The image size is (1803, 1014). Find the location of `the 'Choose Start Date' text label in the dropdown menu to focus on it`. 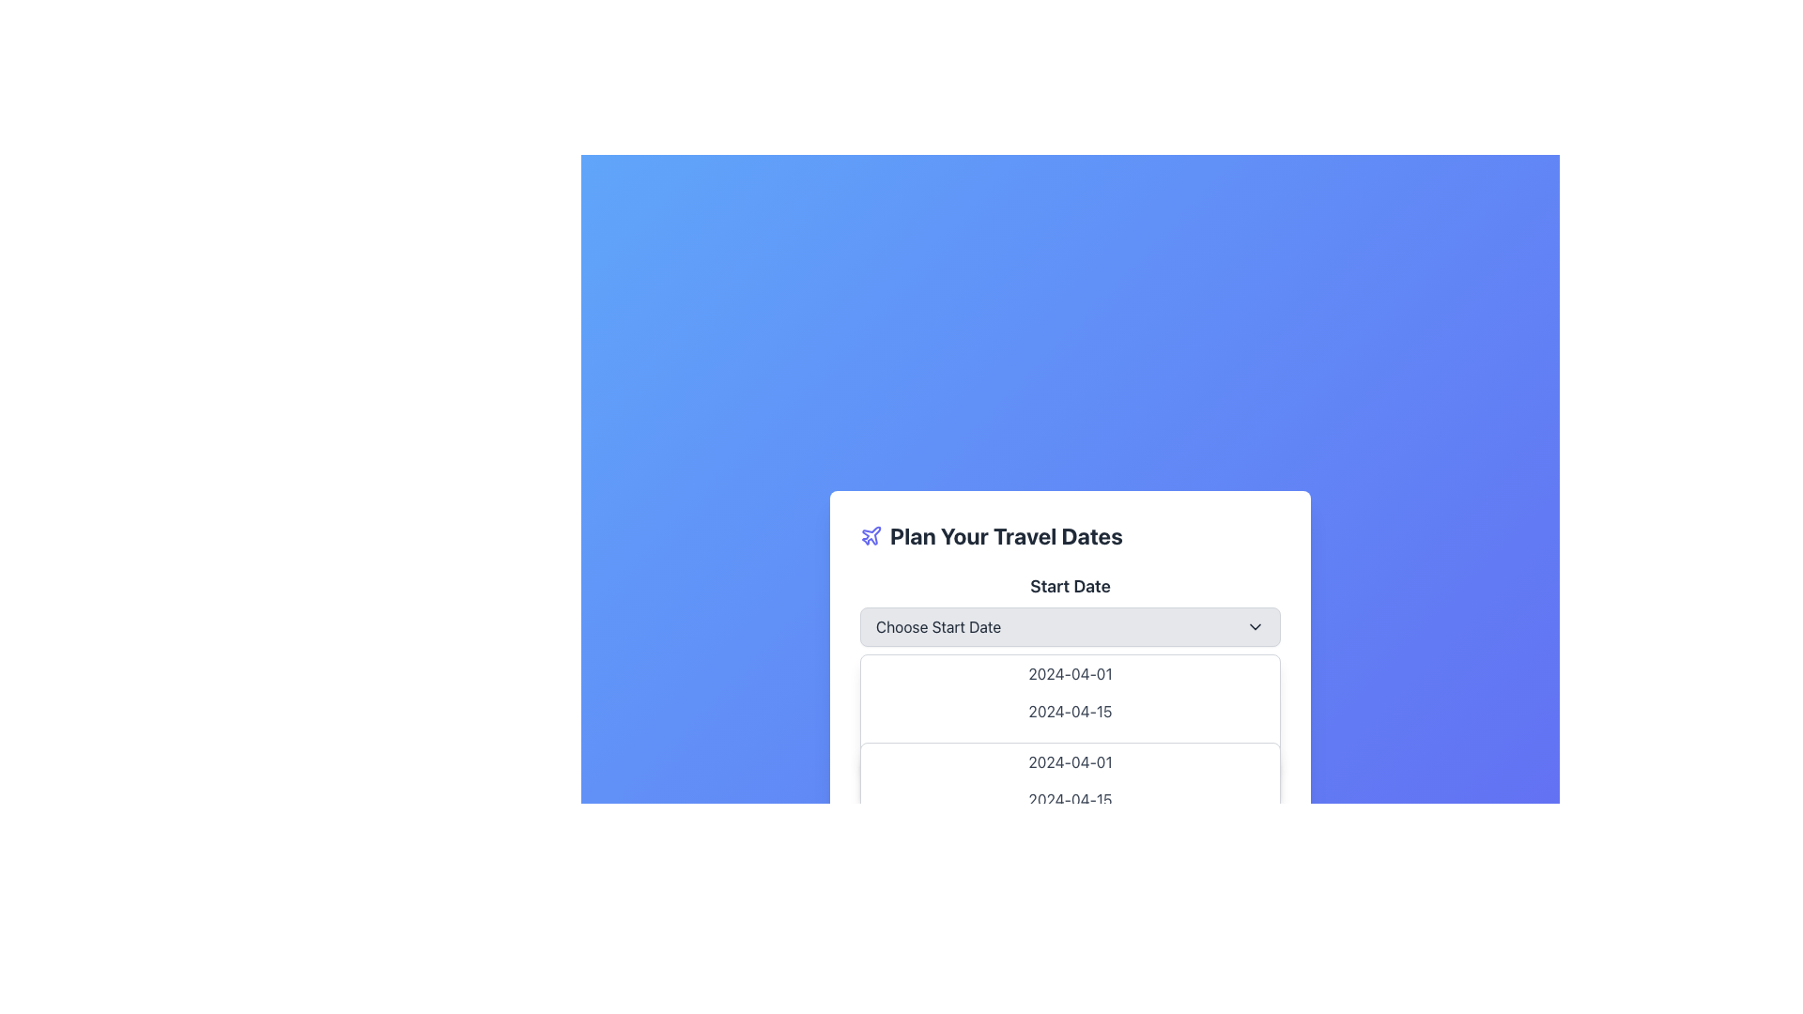

the 'Choose Start Date' text label in the dropdown menu to focus on it is located at coordinates (938, 626).